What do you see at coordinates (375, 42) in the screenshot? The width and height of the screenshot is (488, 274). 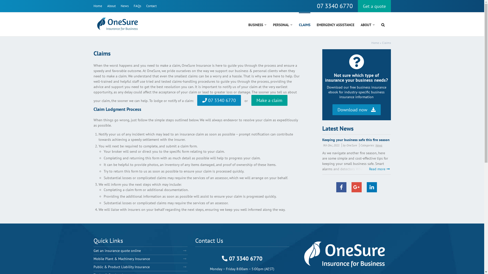 I see `'Home'` at bounding box center [375, 42].